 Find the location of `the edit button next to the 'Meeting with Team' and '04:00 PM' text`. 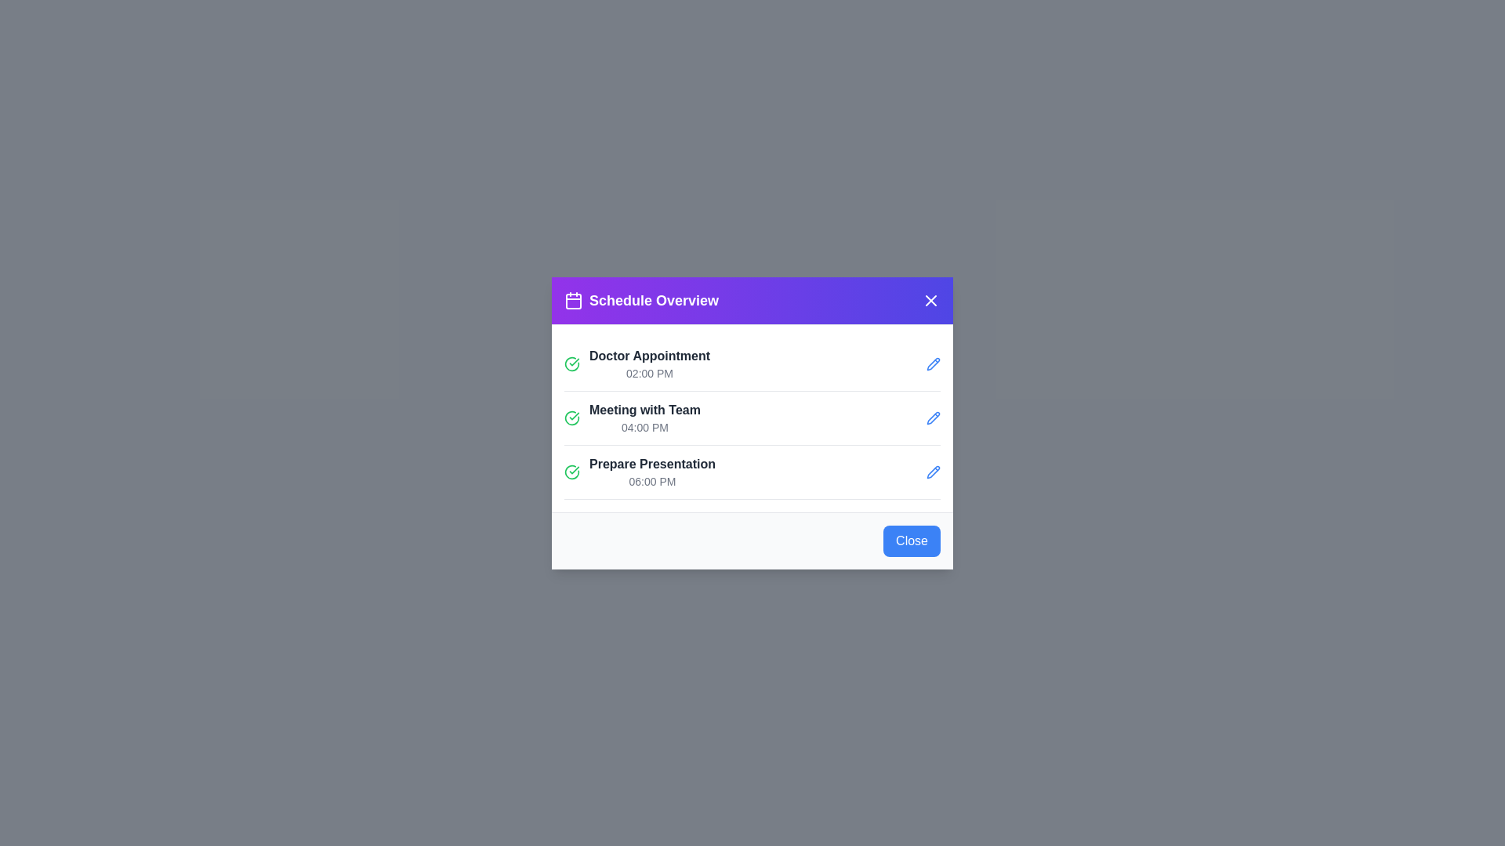

the edit button next to the 'Meeting with Team' and '04:00 PM' text is located at coordinates (933, 417).